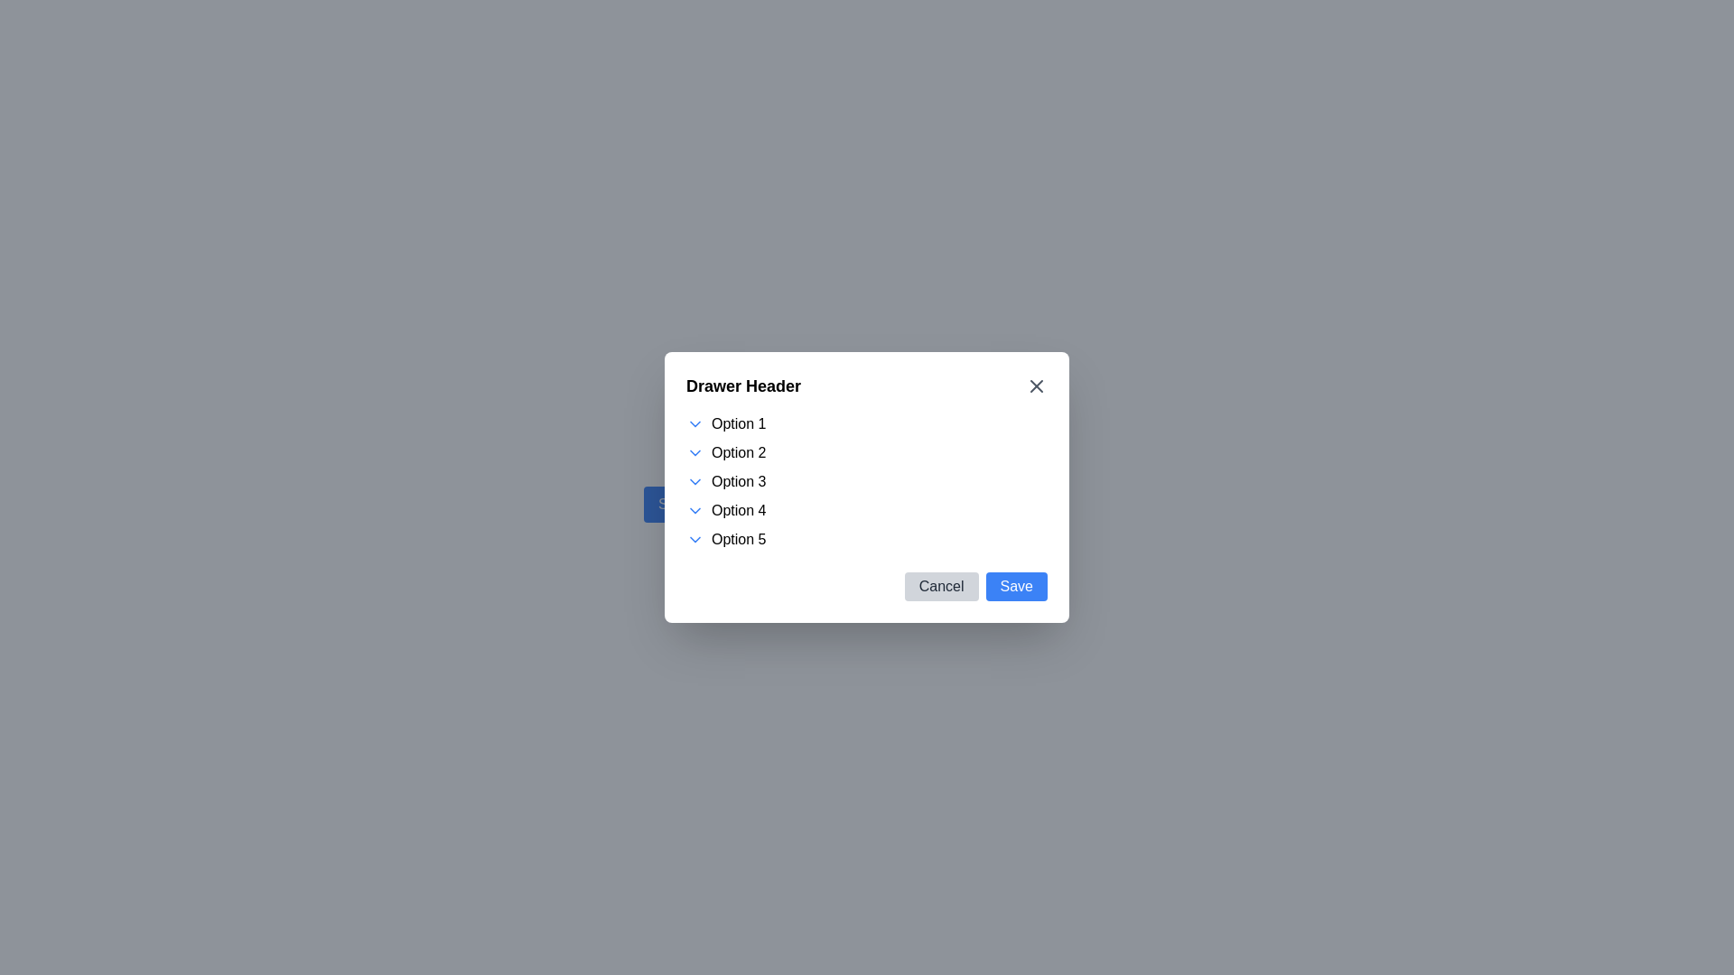  Describe the element at coordinates (867, 480) in the screenshot. I see `the list item labeled 'Option 3' in bold font, which is the third item in a vertically arranged list within a modal` at that location.